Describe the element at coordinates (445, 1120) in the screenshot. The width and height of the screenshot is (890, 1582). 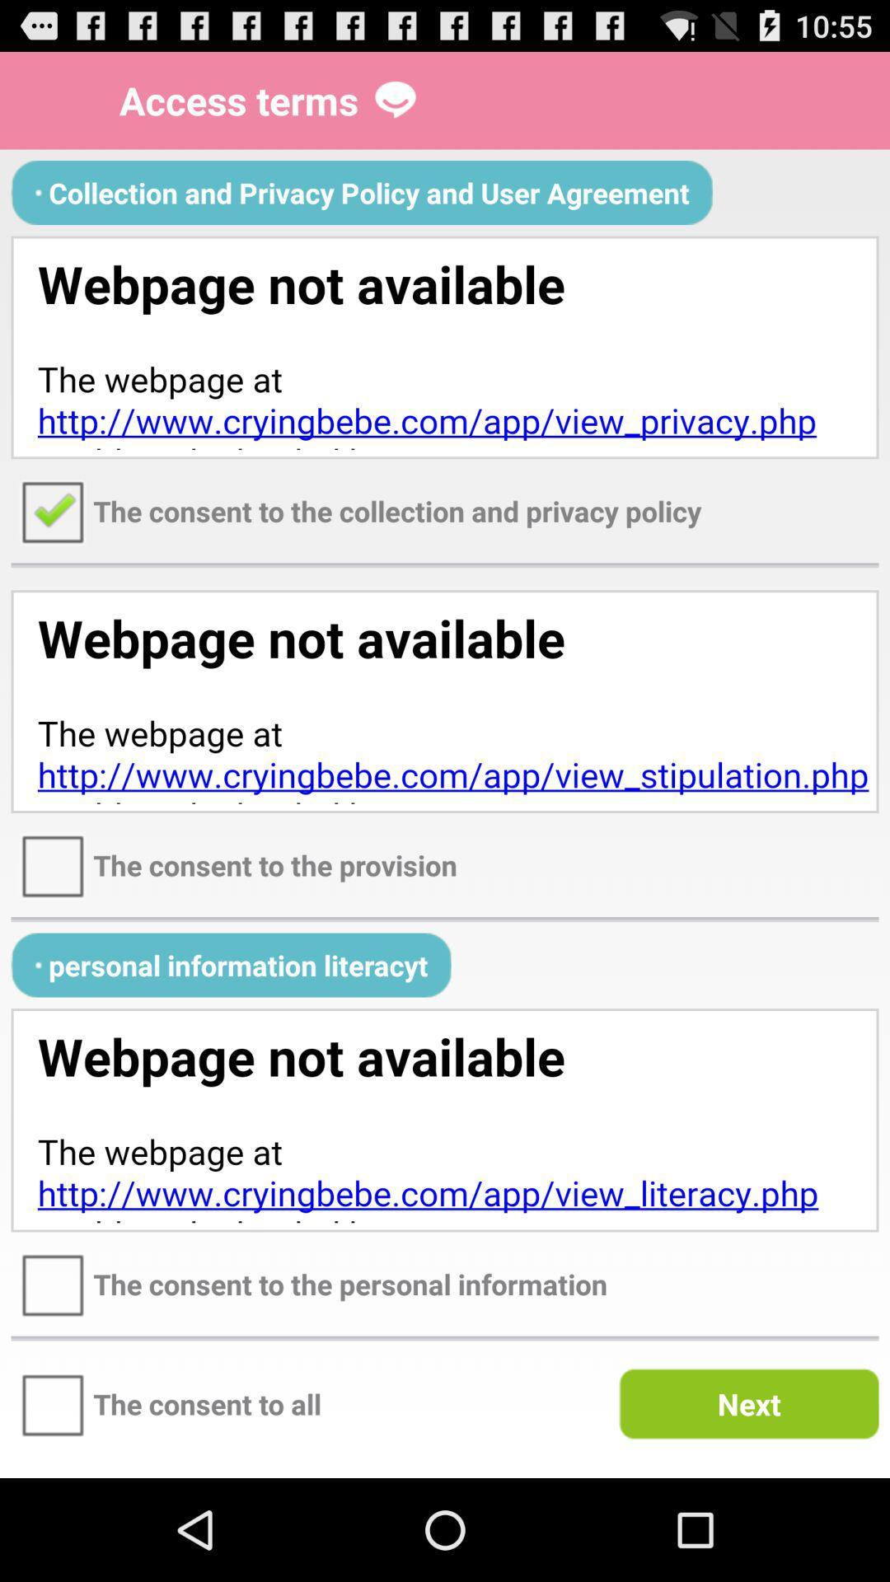
I see `for adverisment` at that location.